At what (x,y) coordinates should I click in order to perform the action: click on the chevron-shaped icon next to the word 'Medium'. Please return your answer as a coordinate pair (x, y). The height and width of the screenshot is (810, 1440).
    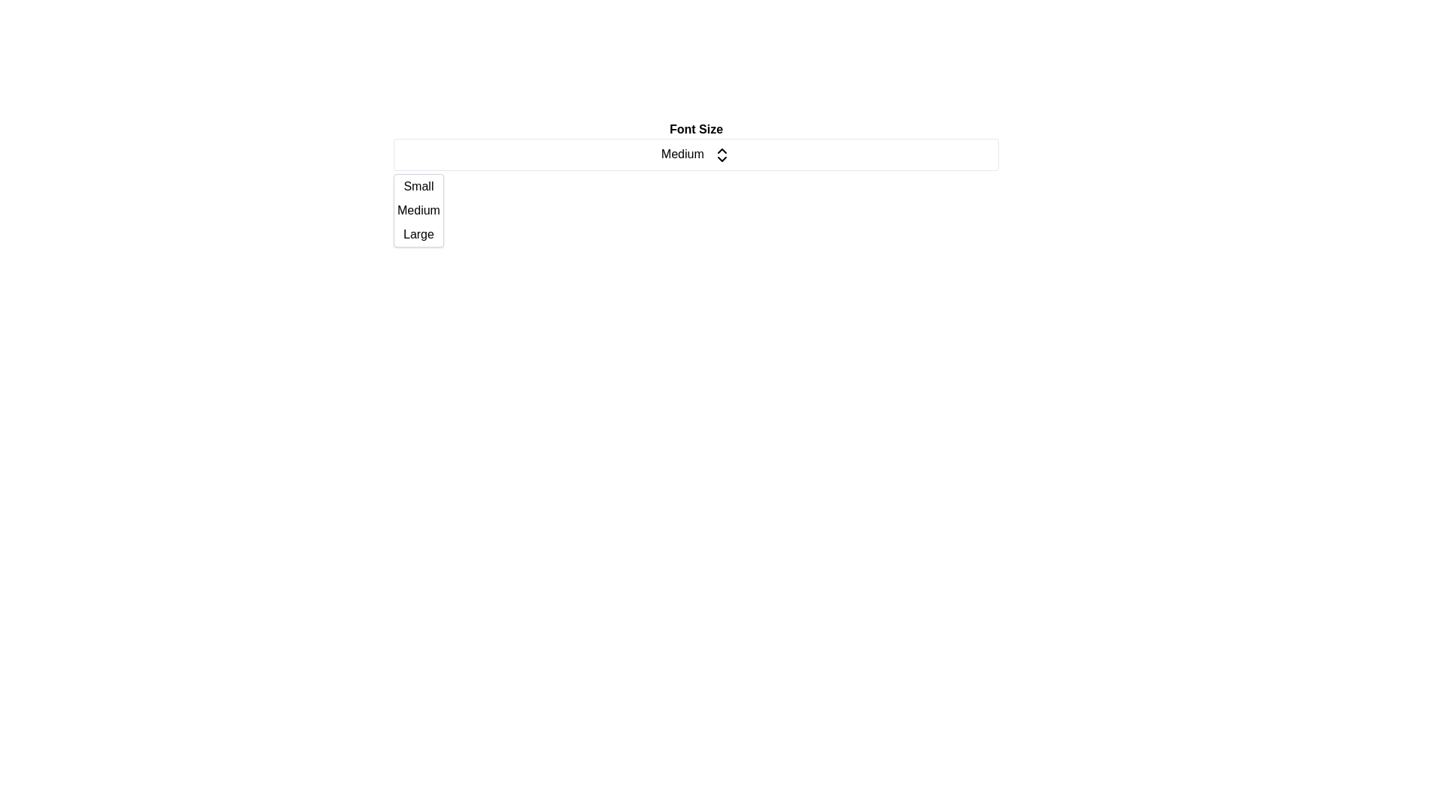
    Looking at the image, I should click on (722, 154).